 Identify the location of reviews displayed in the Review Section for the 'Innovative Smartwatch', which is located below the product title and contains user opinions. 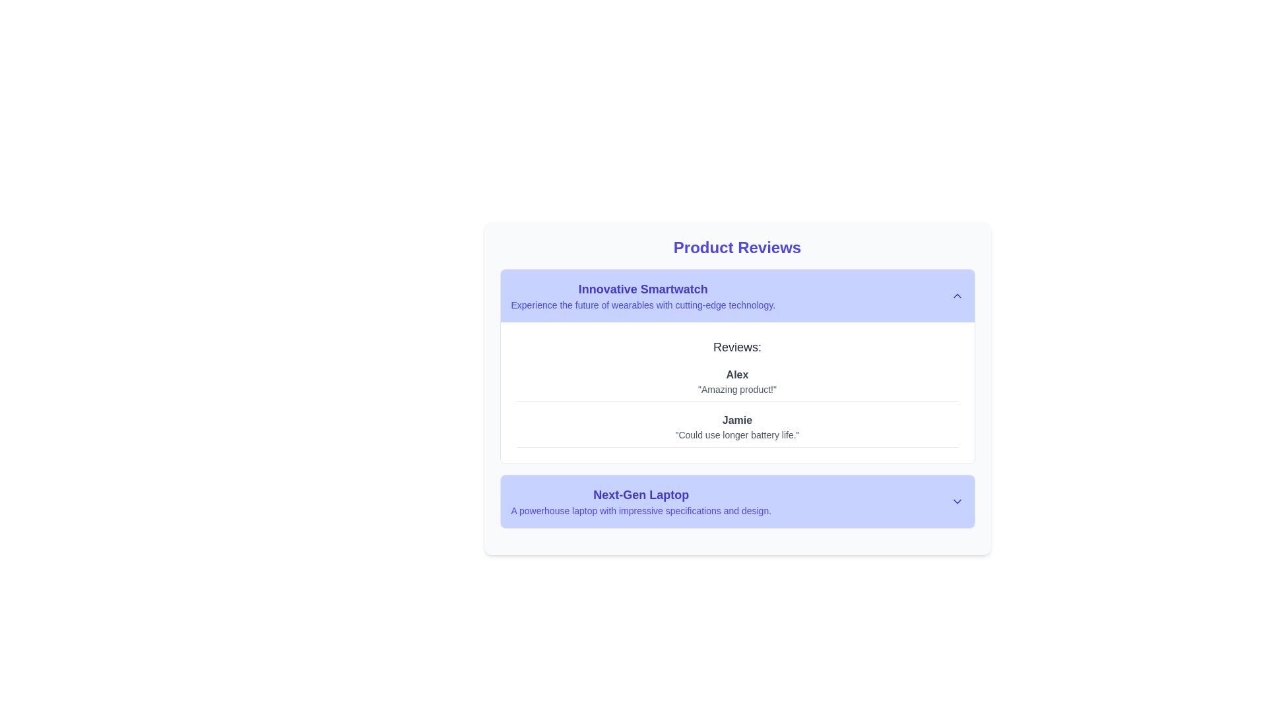
(736, 392).